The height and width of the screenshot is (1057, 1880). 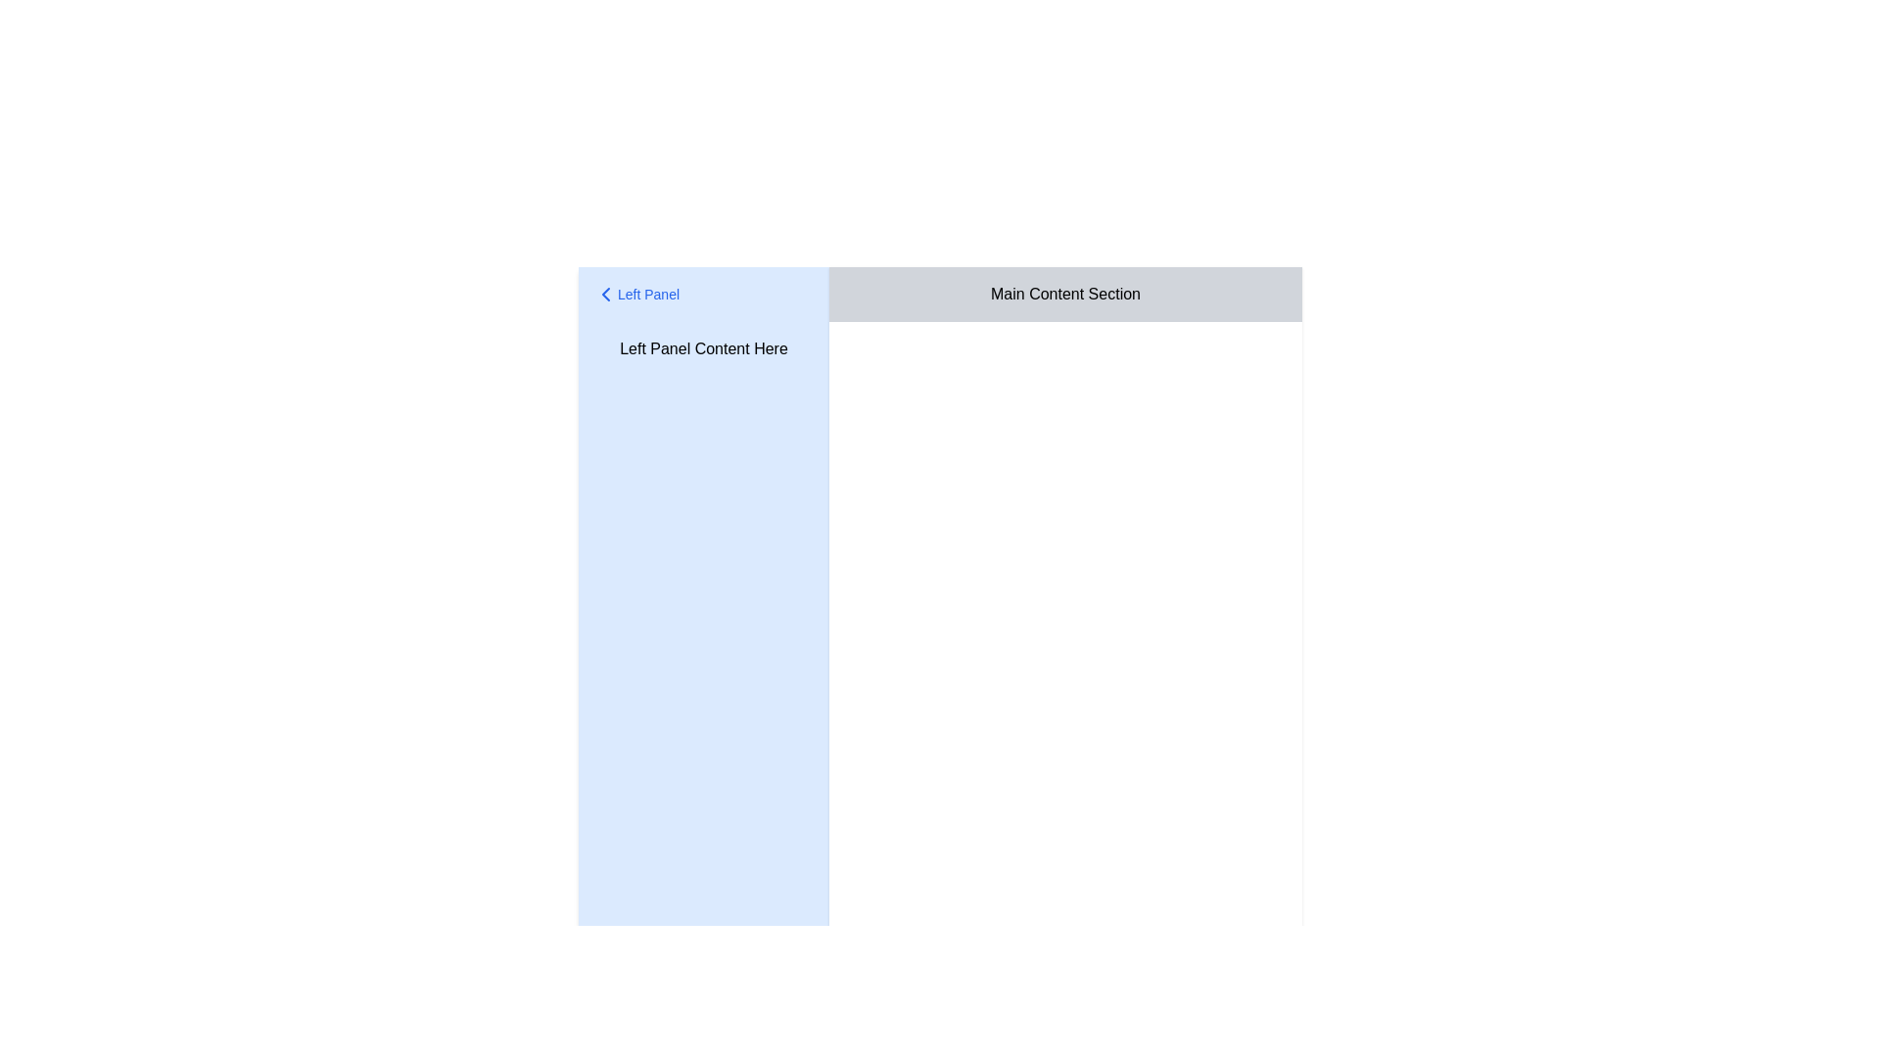 What do you see at coordinates (636, 294) in the screenshot?
I see `the navigational button with an icon and text located at the top-left corner of the light blue left panel` at bounding box center [636, 294].